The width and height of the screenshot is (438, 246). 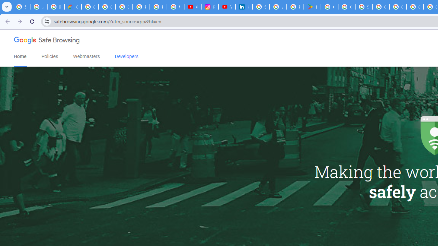 What do you see at coordinates (86, 56) in the screenshot?
I see `'Webmasters'` at bounding box center [86, 56].